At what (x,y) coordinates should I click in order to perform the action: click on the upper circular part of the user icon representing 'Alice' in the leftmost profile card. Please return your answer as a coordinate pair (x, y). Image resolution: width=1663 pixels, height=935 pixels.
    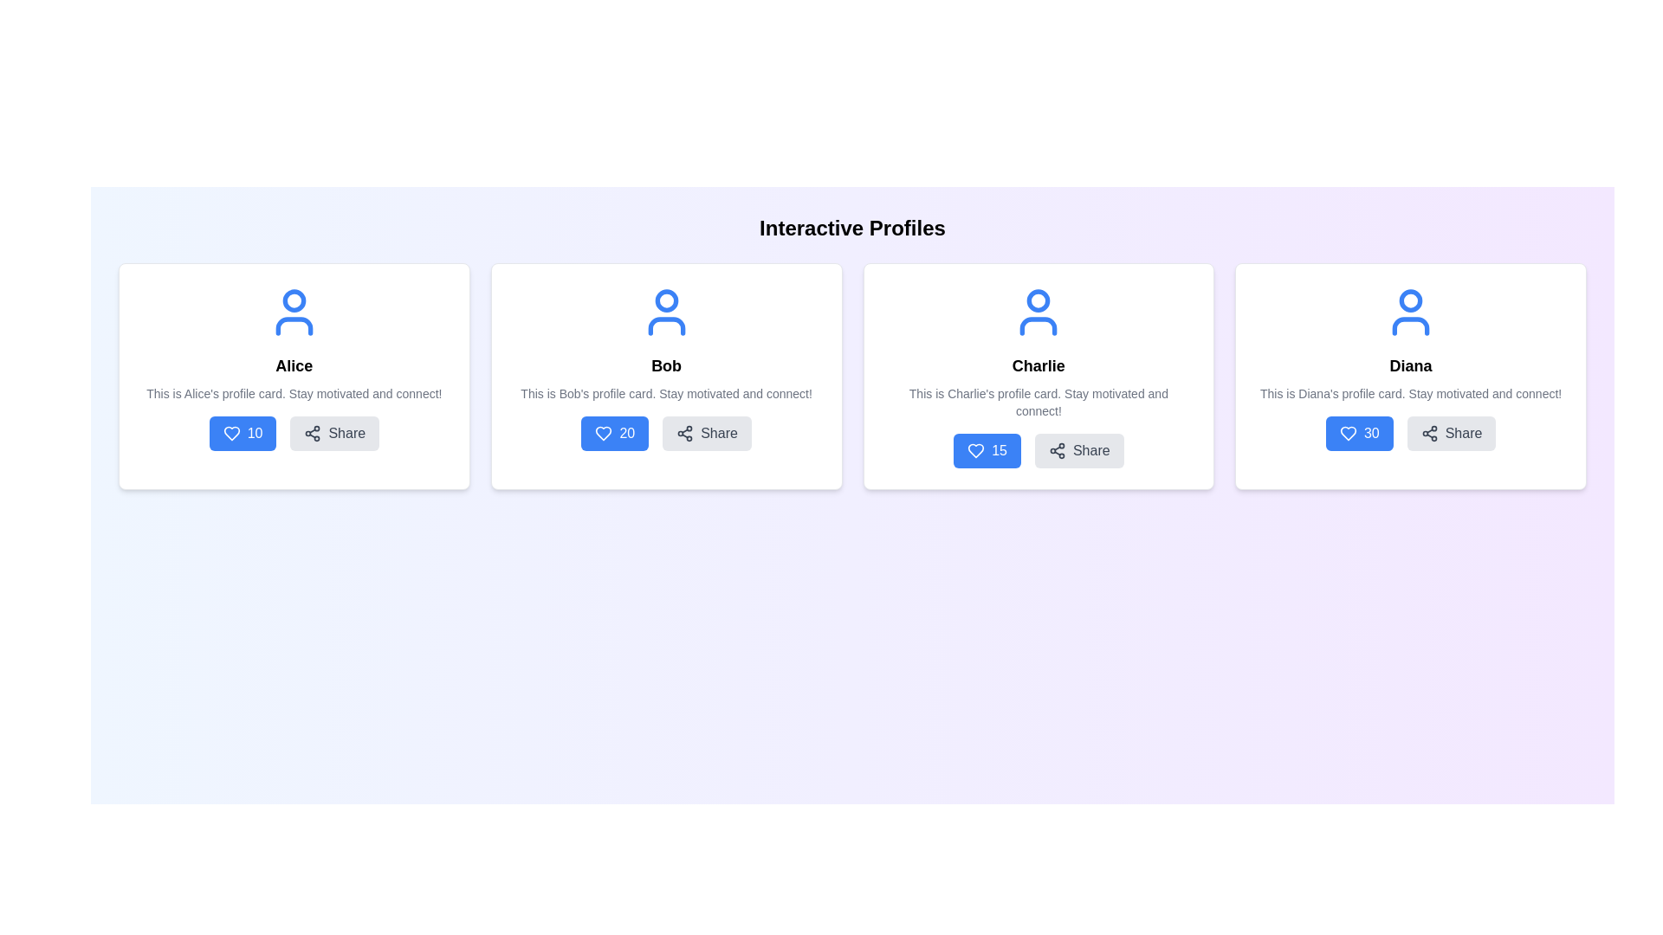
    Looking at the image, I should click on (294, 300).